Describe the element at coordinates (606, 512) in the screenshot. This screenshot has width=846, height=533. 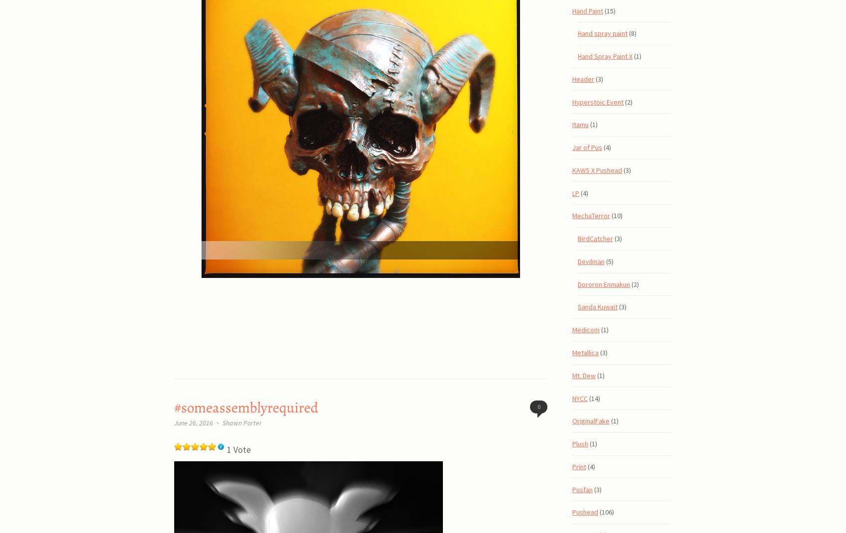
I see `'(106)'` at that location.